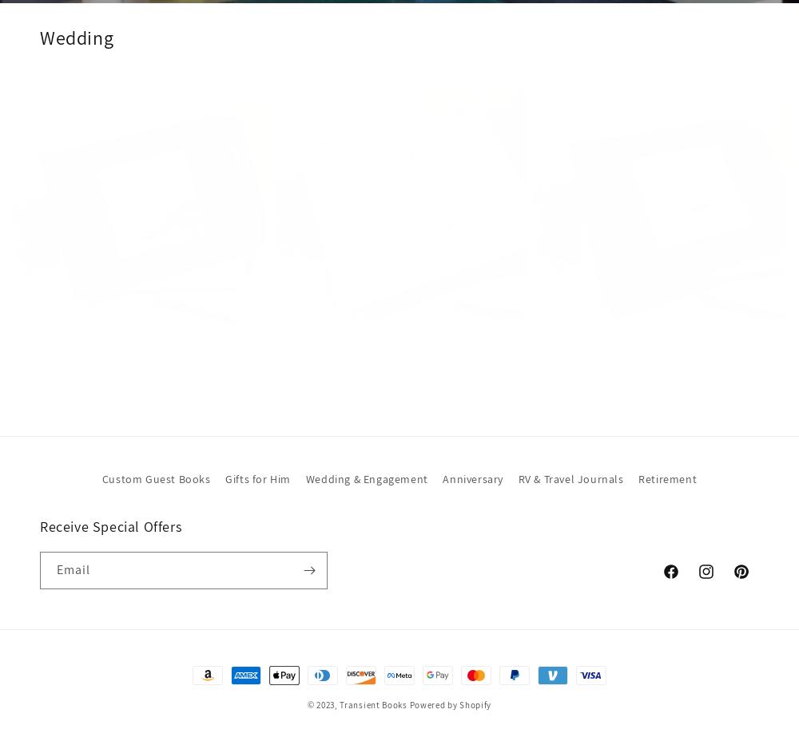 The image size is (799, 741). I want to click on 'RV & Travel Journals', so click(570, 478).